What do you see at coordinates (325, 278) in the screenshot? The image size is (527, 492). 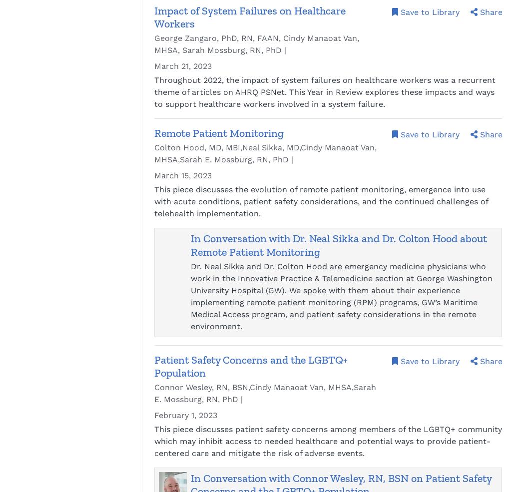 I see `'Innovative Practice & Telemedicine section at'` at bounding box center [325, 278].